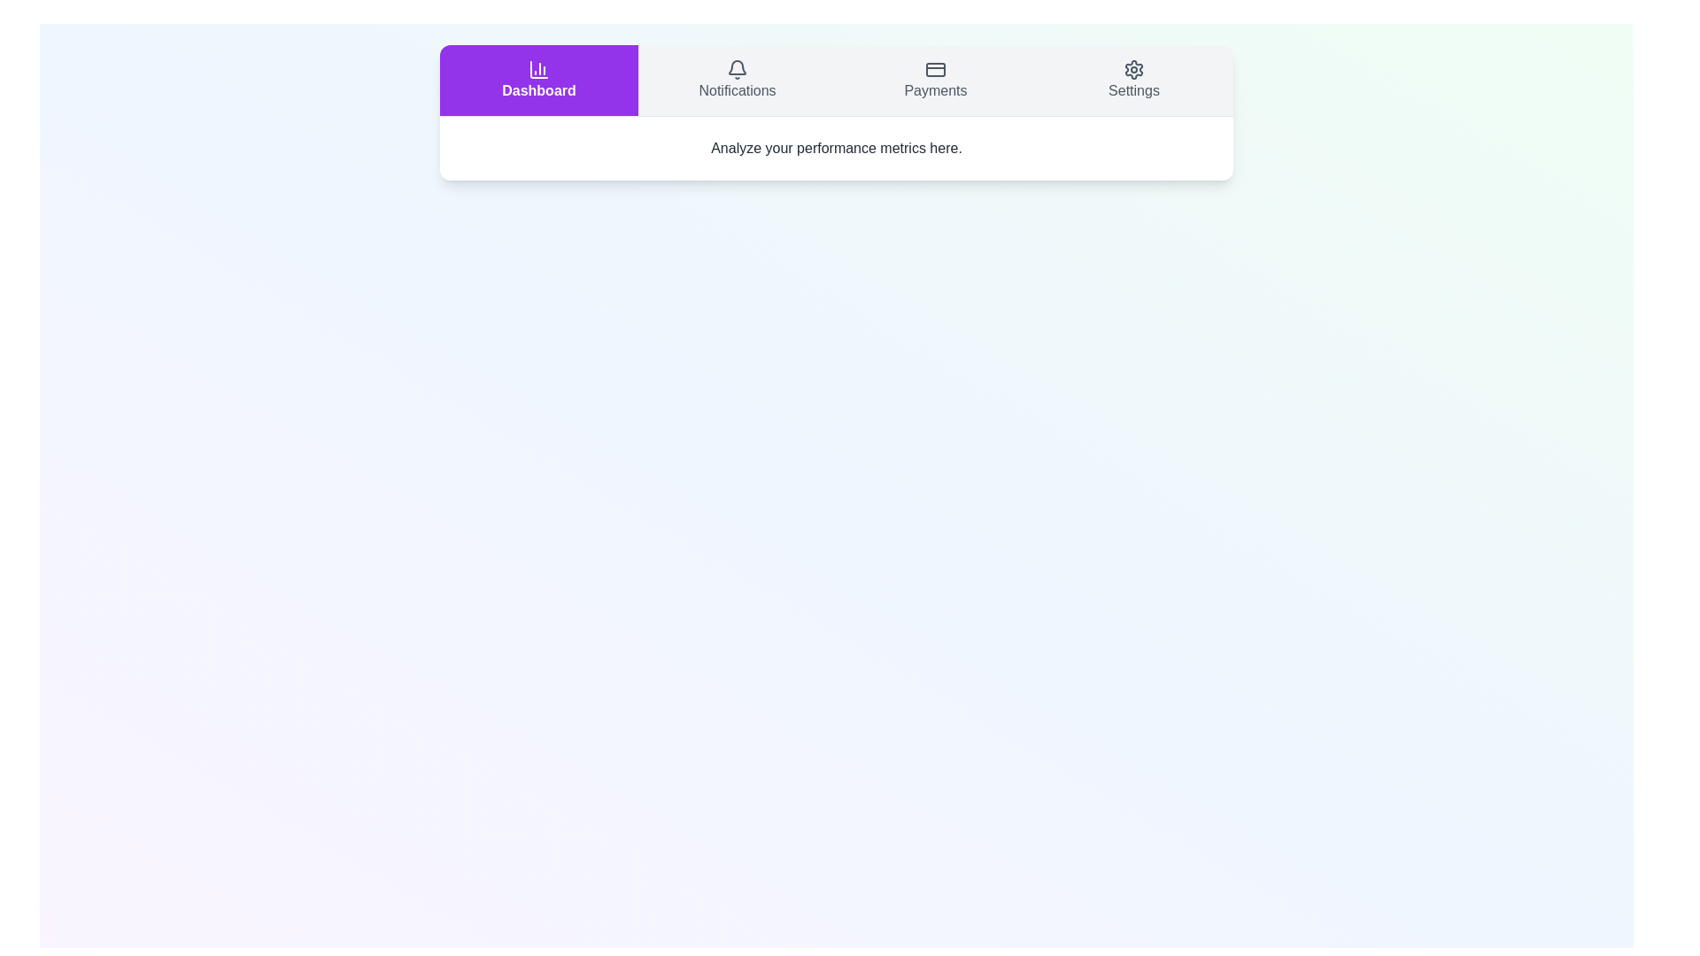 This screenshot has width=1700, height=956. What do you see at coordinates (1134, 81) in the screenshot?
I see `the Settings tab to select it` at bounding box center [1134, 81].